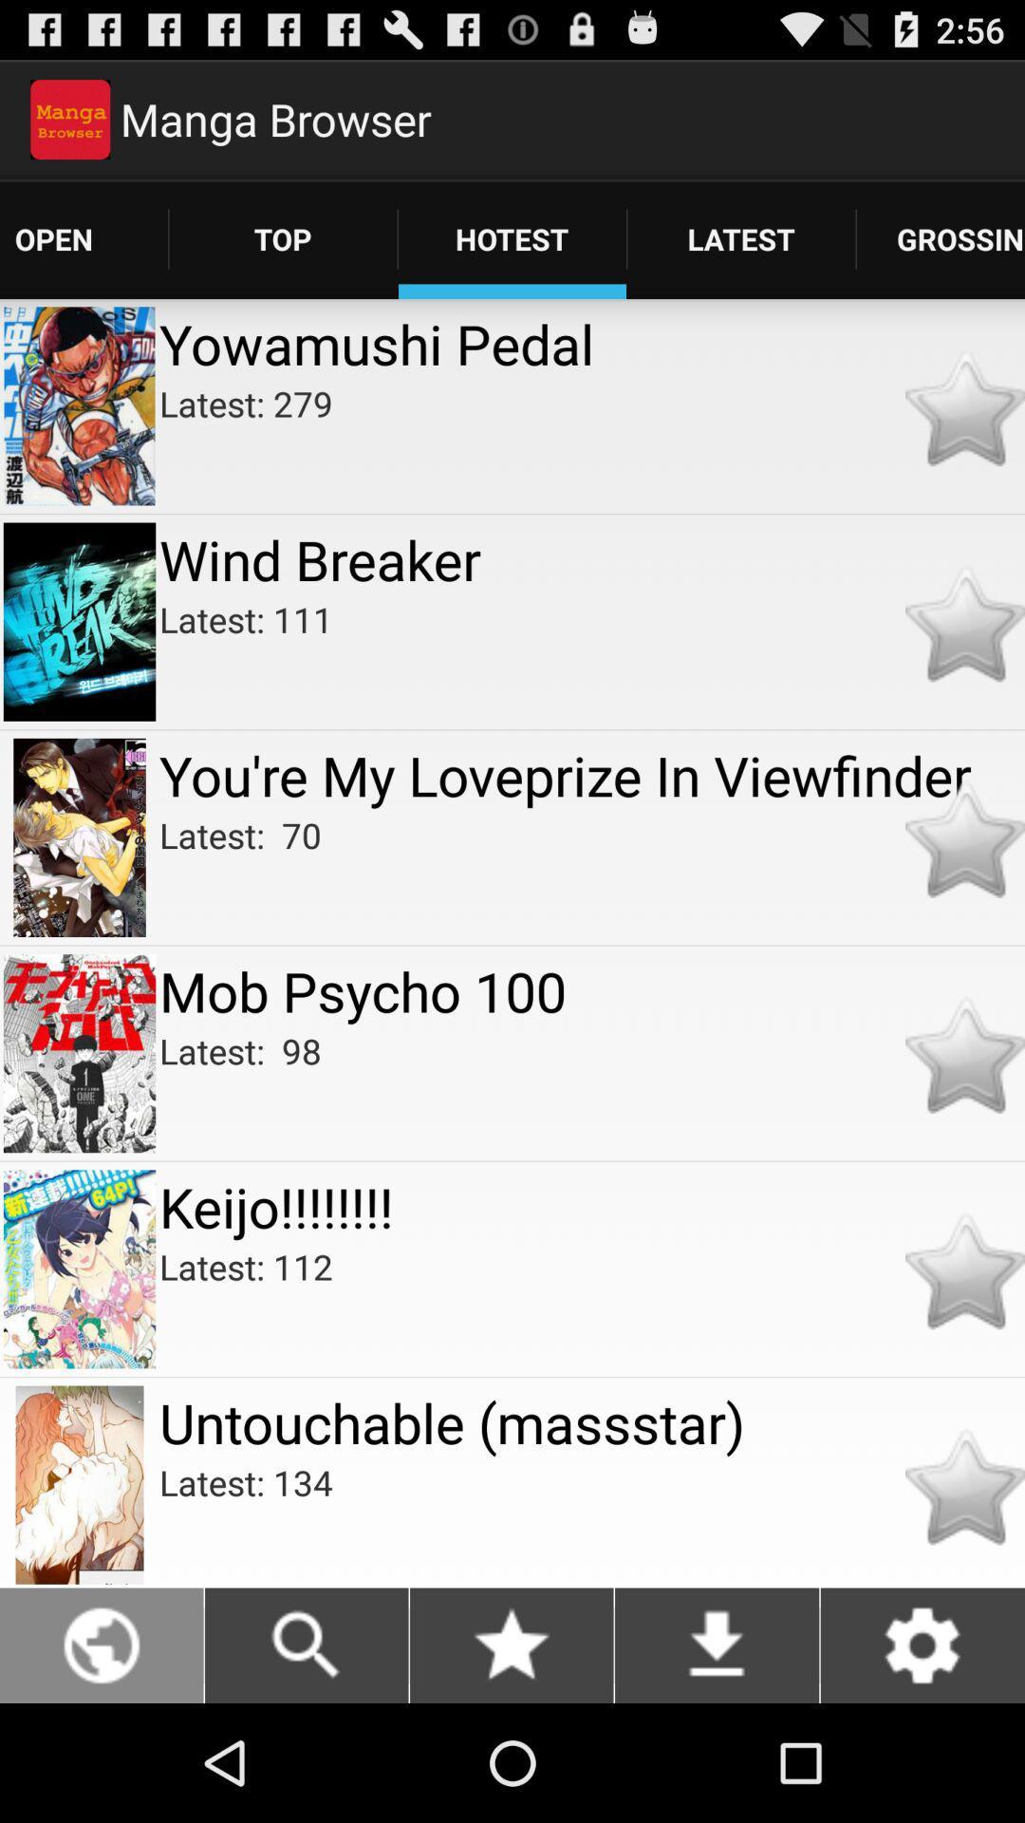  Describe the element at coordinates (591, 989) in the screenshot. I see `mob psycho 100 icon` at that location.